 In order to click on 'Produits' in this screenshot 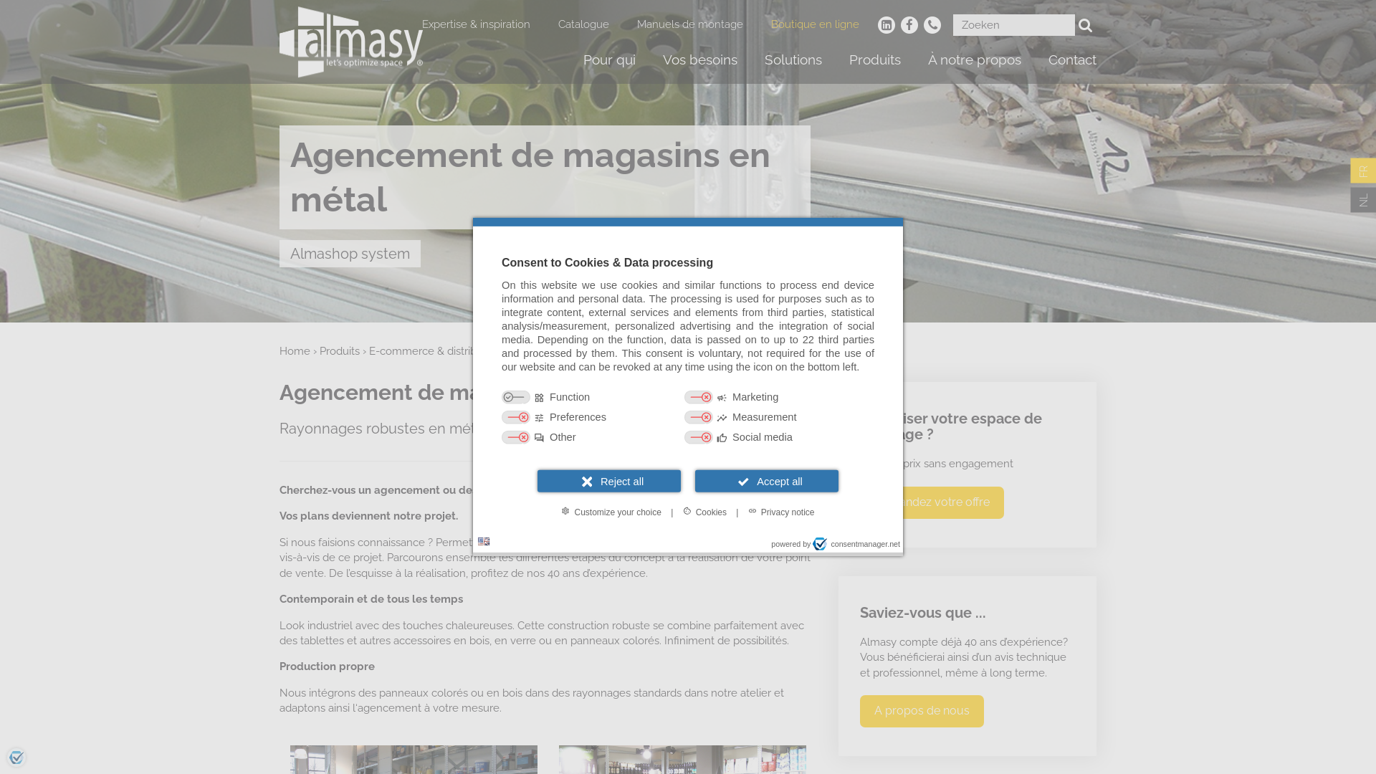, I will do `click(319, 350)`.